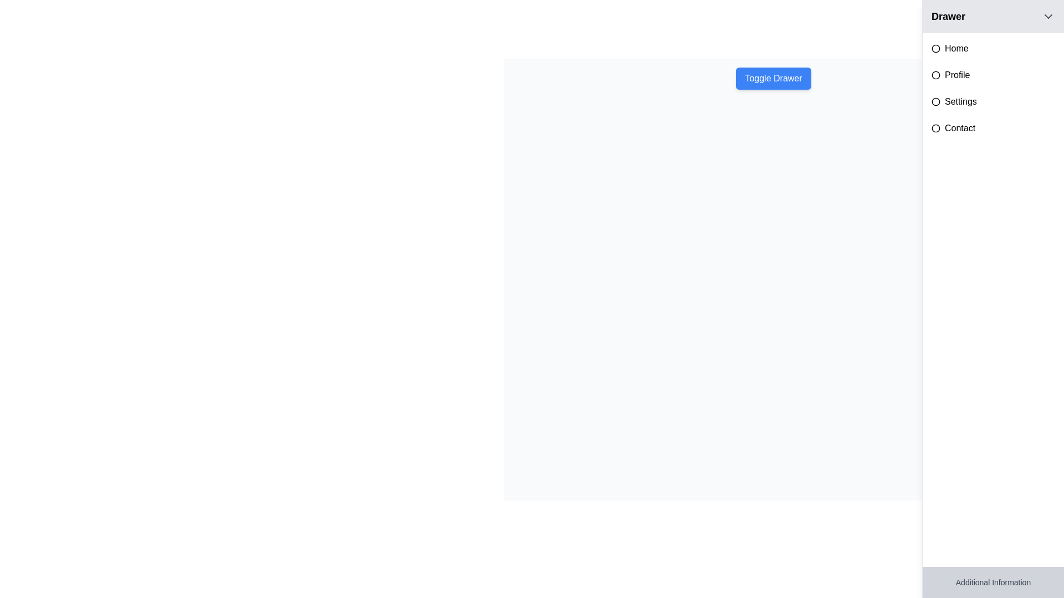 The height and width of the screenshot is (598, 1064). I want to click on the black circle icon representing 'Settings' in the vertical list of navigation options within the drawer, so click(935, 102).